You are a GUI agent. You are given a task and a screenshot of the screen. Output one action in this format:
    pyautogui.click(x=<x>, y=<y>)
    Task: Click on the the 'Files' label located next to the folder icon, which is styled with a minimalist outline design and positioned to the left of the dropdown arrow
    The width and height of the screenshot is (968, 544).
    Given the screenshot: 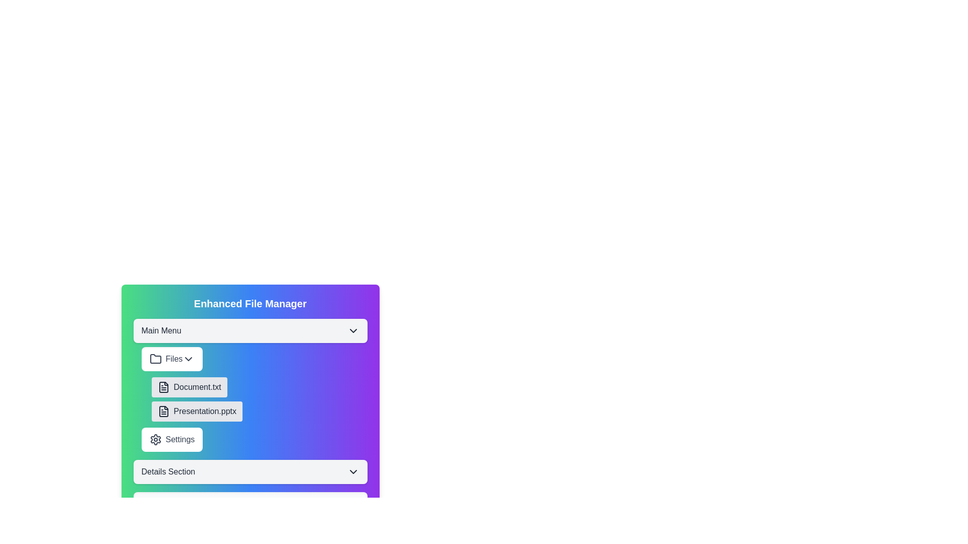 What is the action you would take?
    pyautogui.click(x=155, y=359)
    